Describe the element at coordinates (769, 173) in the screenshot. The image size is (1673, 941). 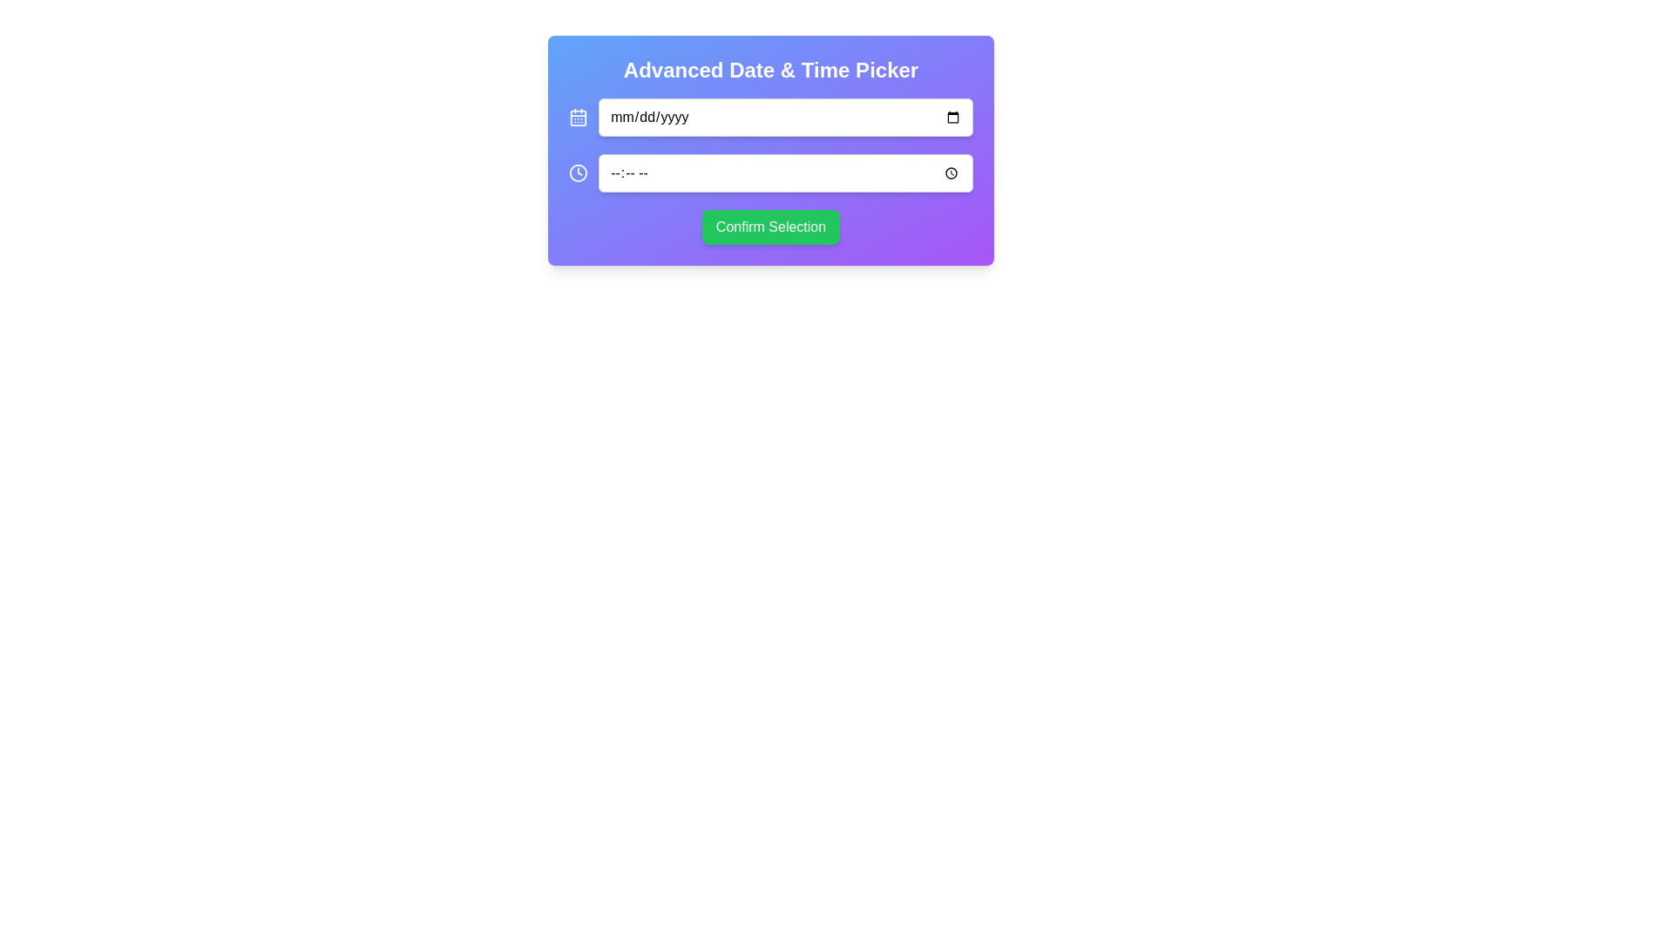
I see `to focus on the time input field, which is styled with a border and has placeholder '--:-- --', located below the date input field and above the Confirm Selection button in the Advanced Date & Time Picker interface` at that location.